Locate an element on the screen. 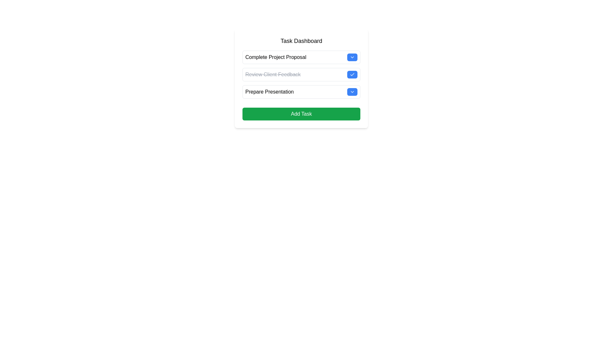  the task item in the task list that is positioned below 'Review Client Feedback' and above the green 'Add Task' button to modify the task is located at coordinates (301, 92).